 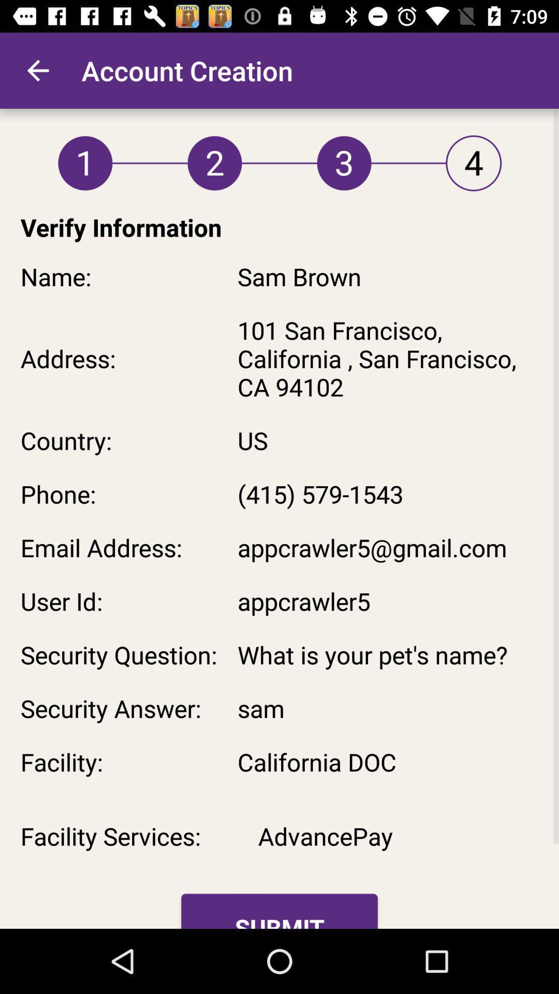 What do you see at coordinates (37, 70) in the screenshot?
I see `the app to the left of the account creation app` at bounding box center [37, 70].